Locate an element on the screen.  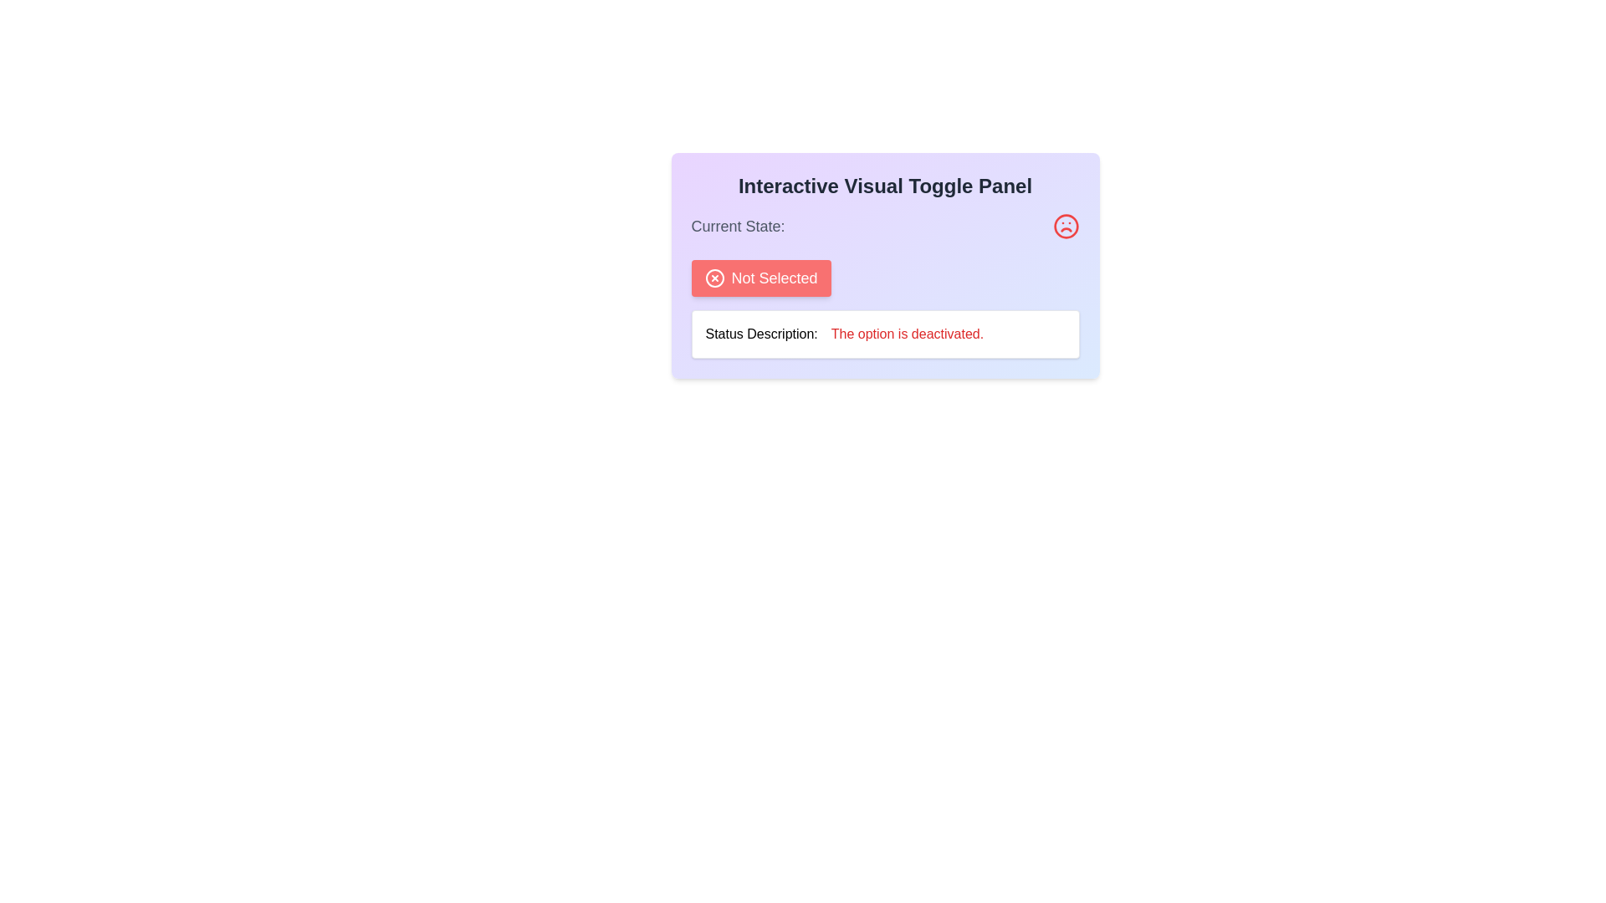
the Label that indicates the status of the option, located within the 'Interactive Visual Toggle Panel' directly below the 'Current State:' label is located at coordinates (760, 334).